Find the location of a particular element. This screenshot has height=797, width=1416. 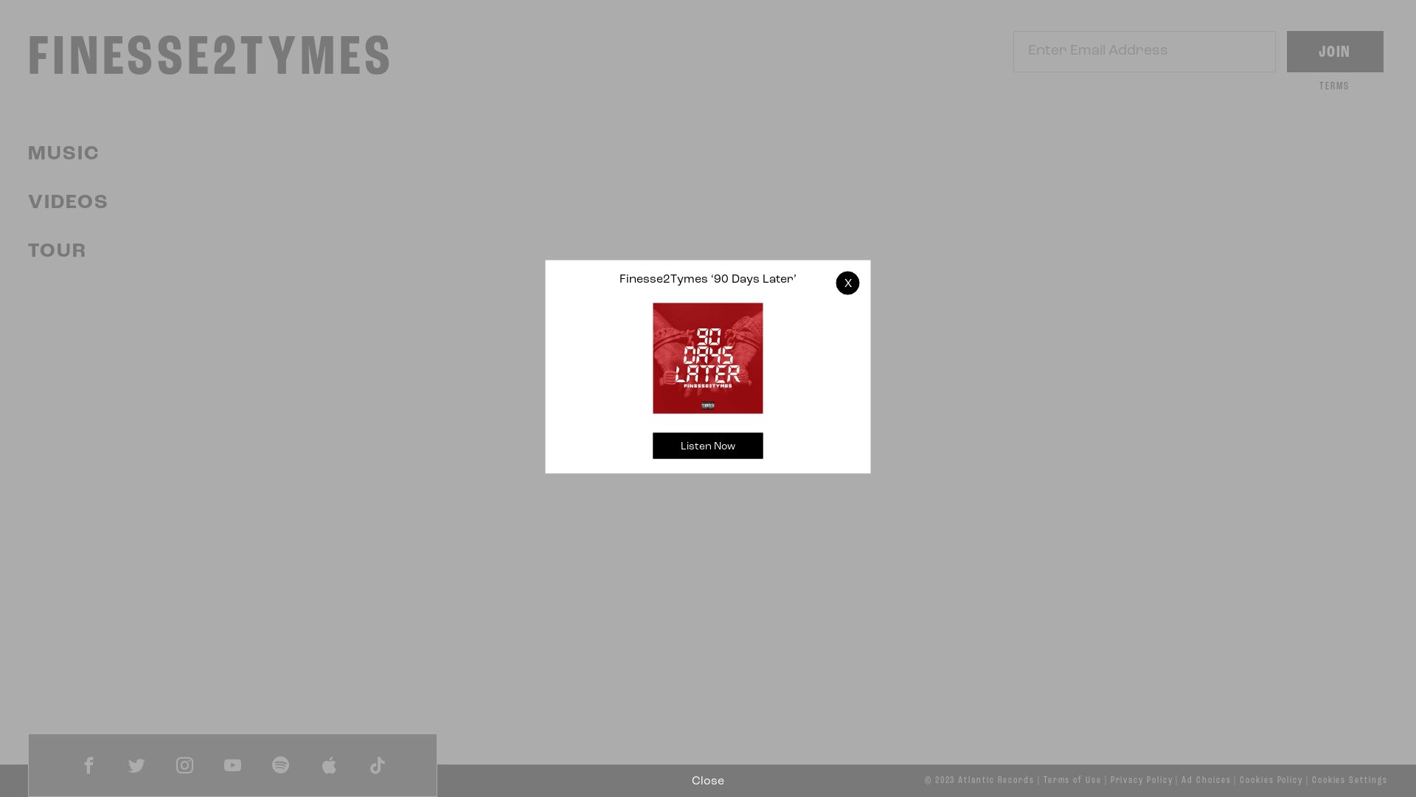

'MUSIC' is located at coordinates (63, 154).